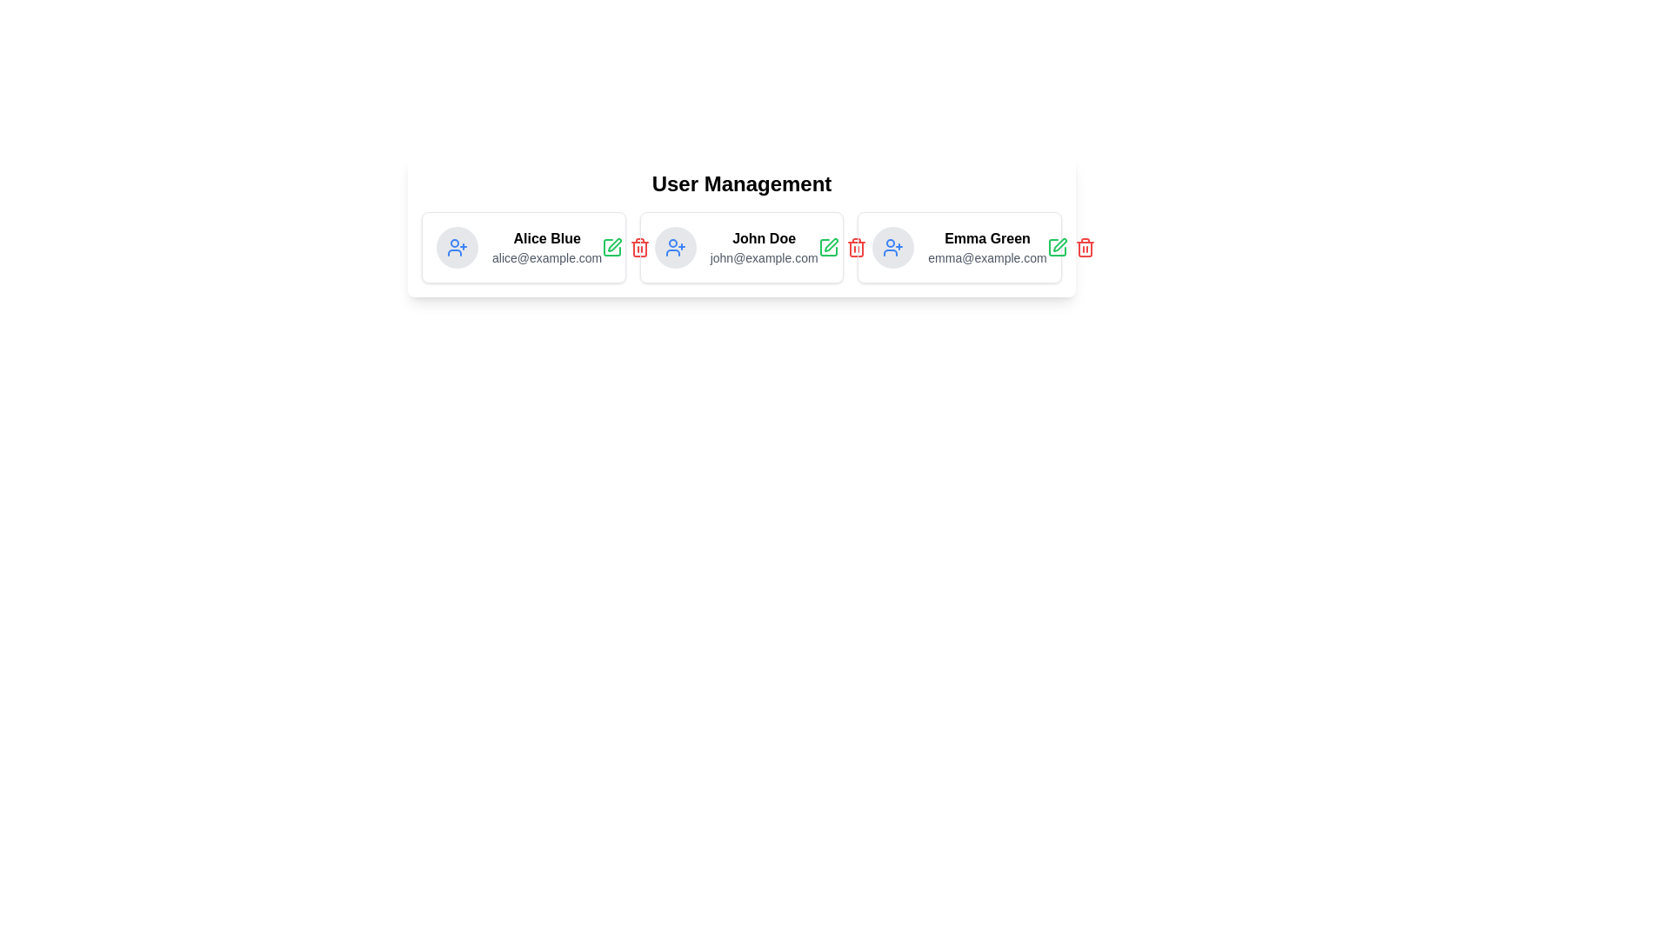  What do you see at coordinates (1084, 248) in the screenshot?
I see `the red-colored trash icon button` at bounding box center [1084, 248].